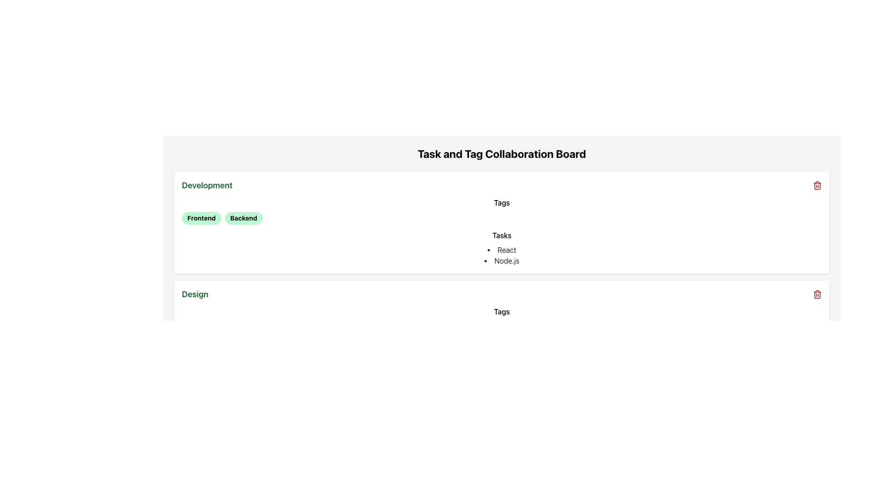 This screenshot has height=490, width=871. What do you see at coordinates (501, 260) in the screenshot?
I see `the Text Label displaying 'Node.js', which is the second item in the bulleted list under the 'Tasks' title in the Development section` at bounding box center [501, 260].